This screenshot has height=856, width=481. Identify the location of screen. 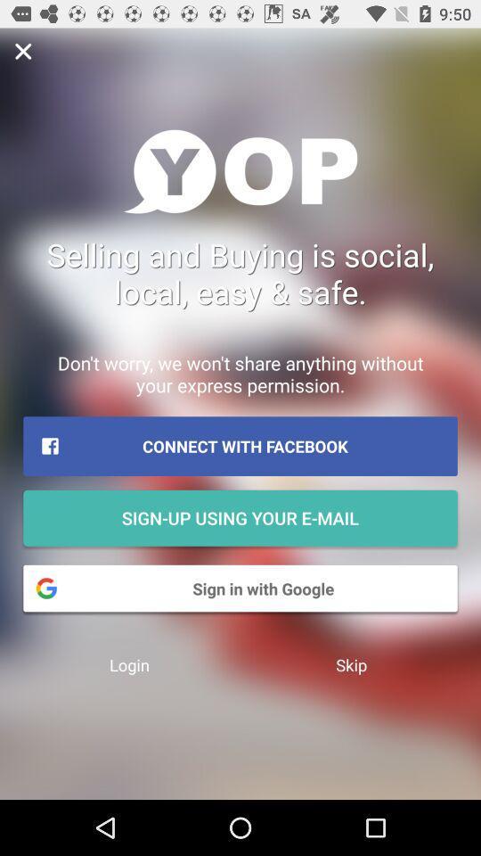
(22, 50).